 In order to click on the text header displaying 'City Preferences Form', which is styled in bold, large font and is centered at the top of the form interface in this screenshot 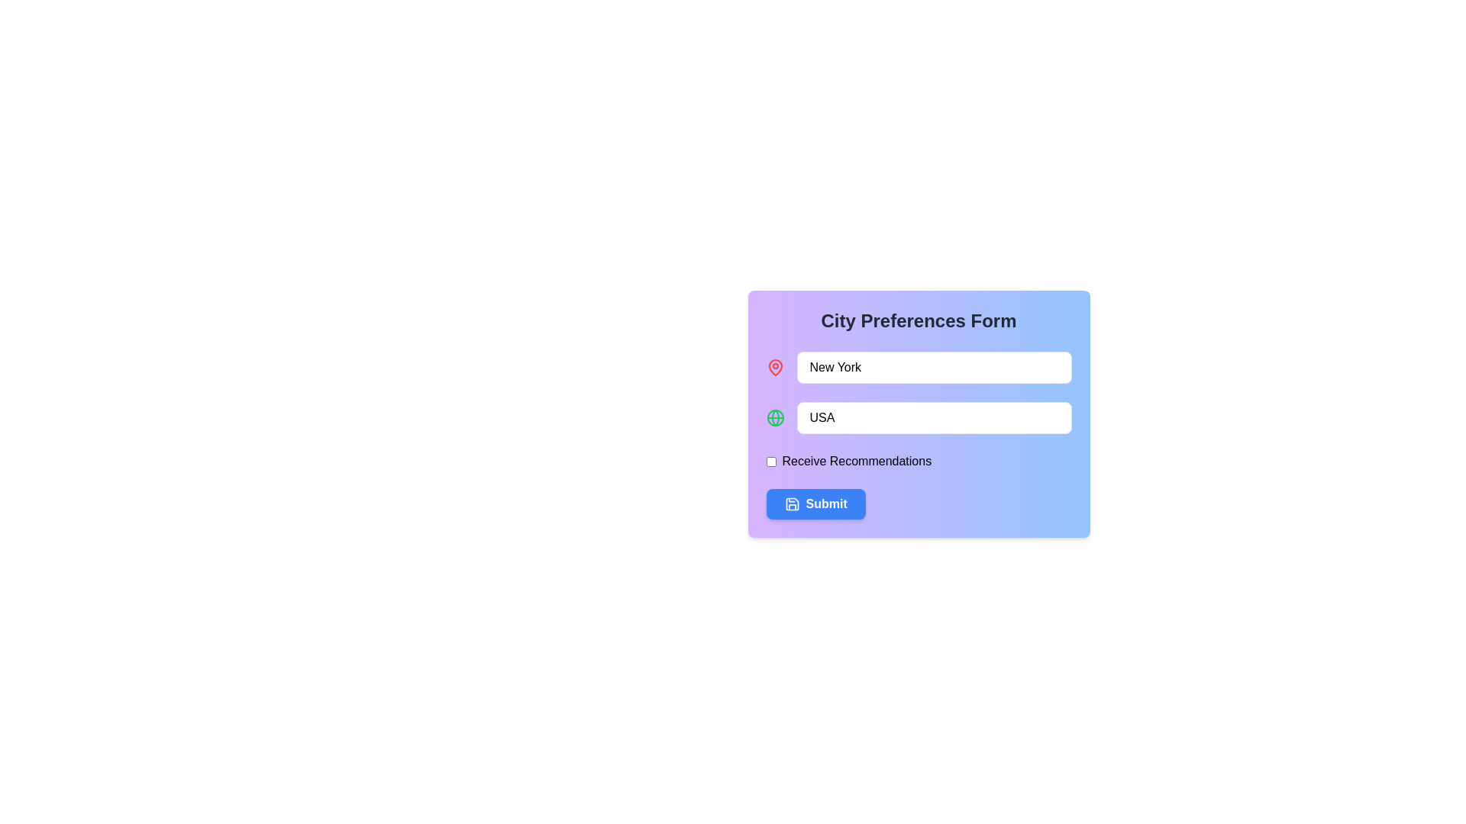, I will do `click(918, 320)`.